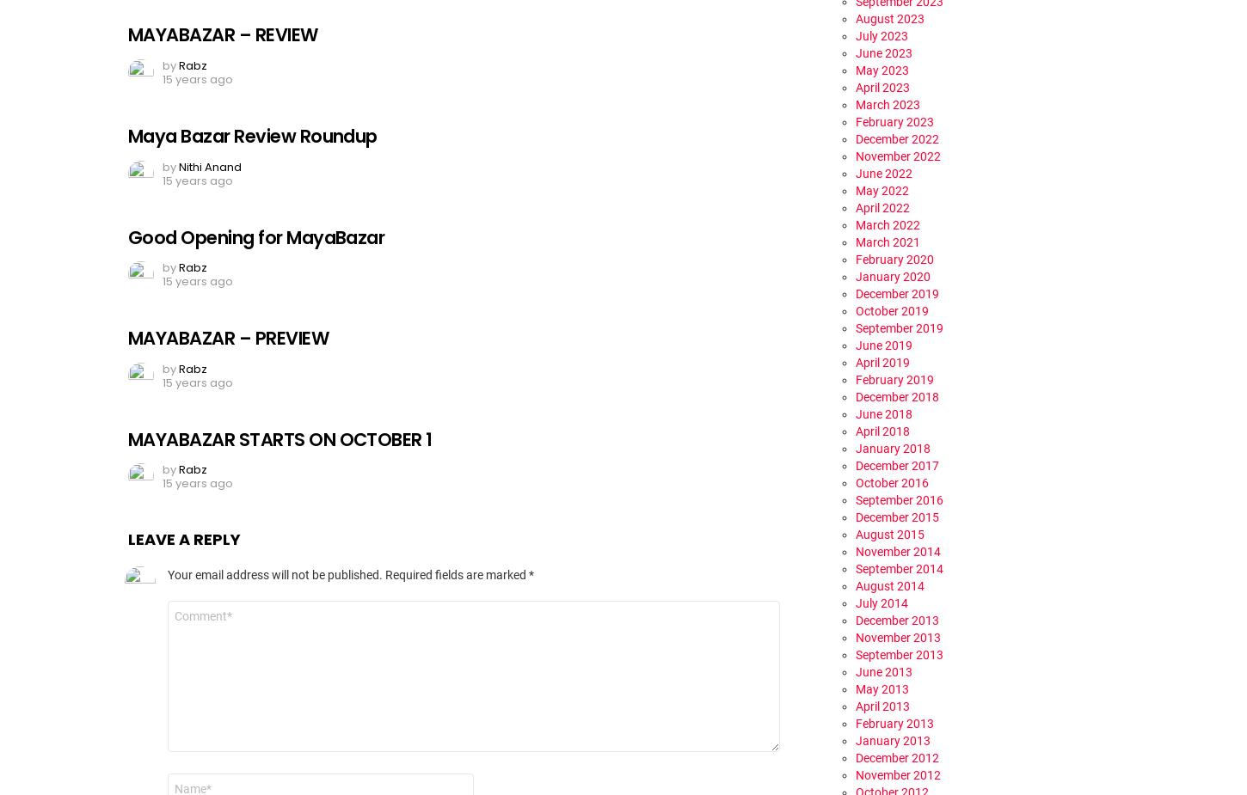 The height and width of the screenshot is (795, 1247). I want to click on 'December 2013', so click(897, 620).